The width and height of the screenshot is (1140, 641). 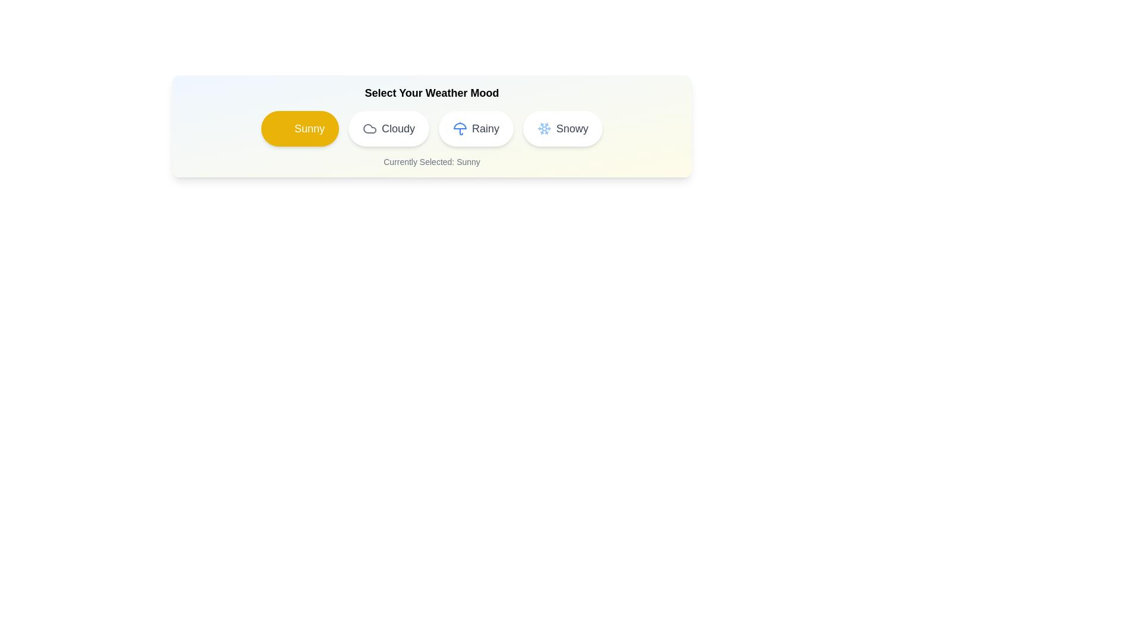 I want to click on the weather option Sunny by clicking on its chip, so click(x=299, y=128).